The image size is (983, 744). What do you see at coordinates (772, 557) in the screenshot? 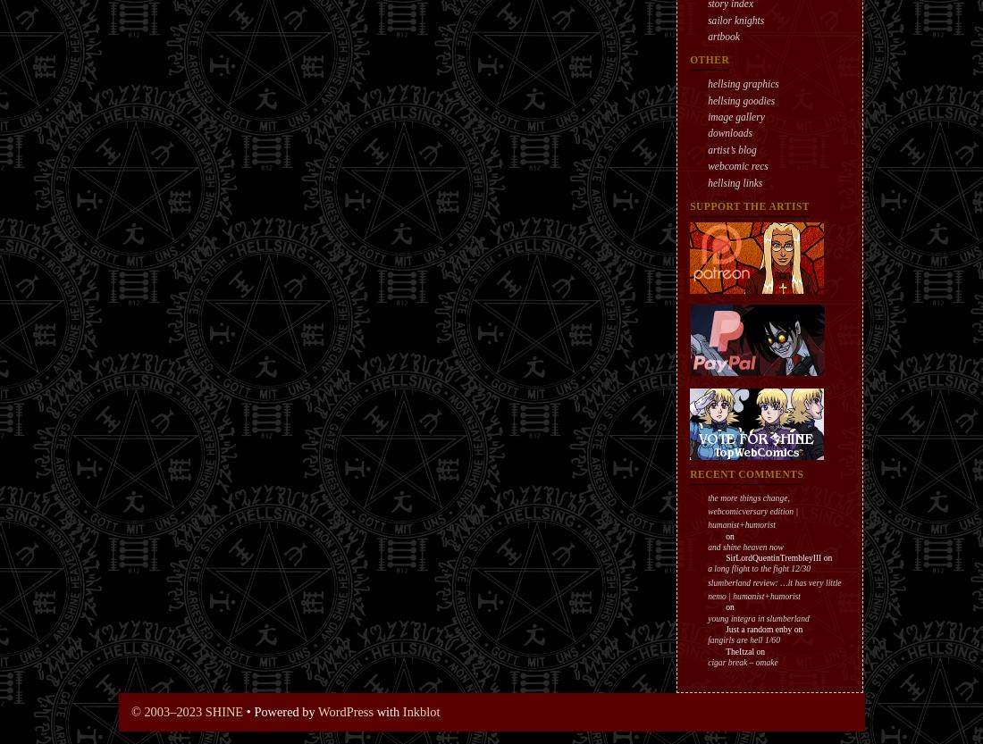
I see `'SirLordQuentinTrembleyIII'` at bounding box center [772, 557].